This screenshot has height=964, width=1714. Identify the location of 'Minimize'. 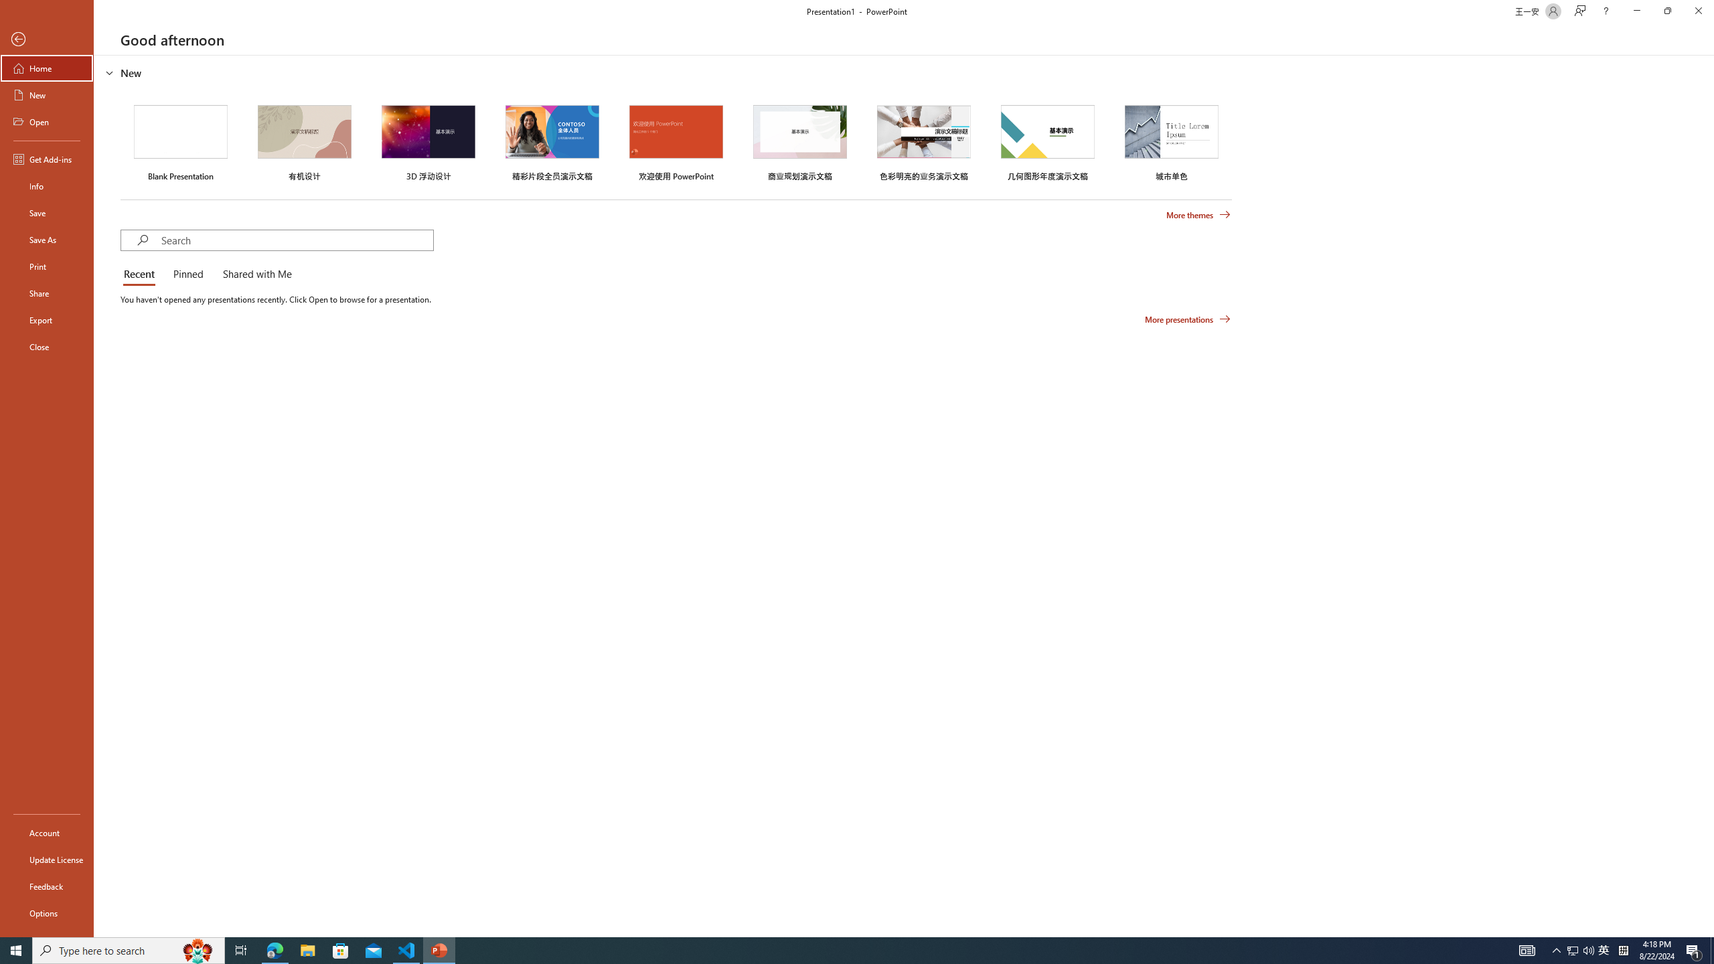
(1636, 11).